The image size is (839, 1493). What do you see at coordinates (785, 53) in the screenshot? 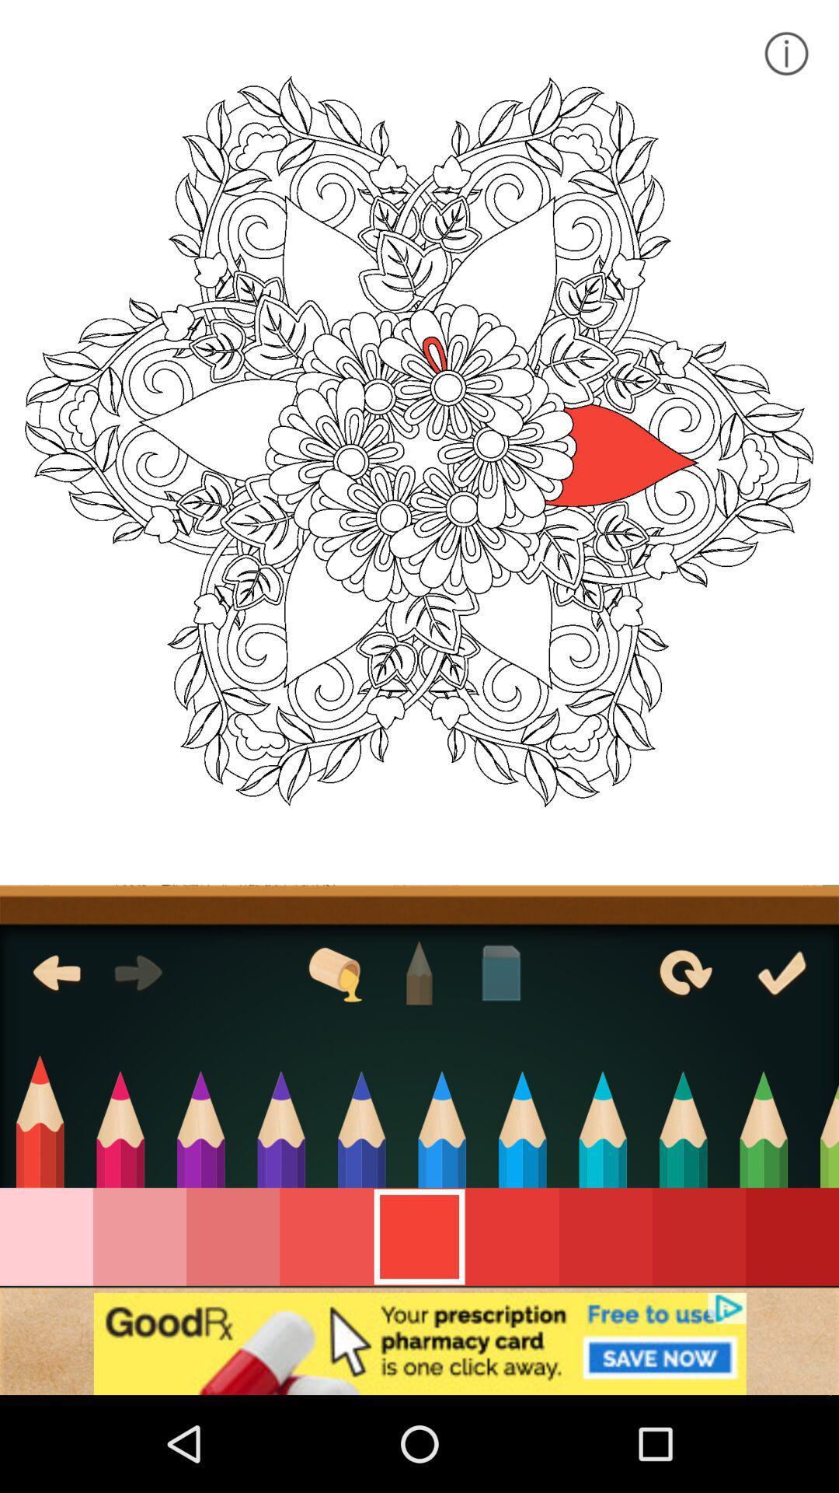
I see `the info icon` at bounding box center [785, 53].